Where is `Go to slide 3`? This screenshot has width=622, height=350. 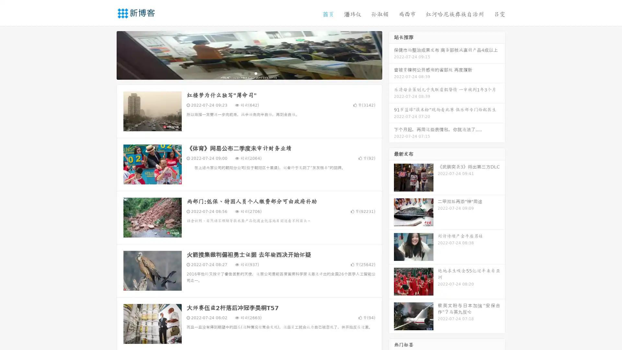 Go to slide 3 is located at coordinates (256, 73).